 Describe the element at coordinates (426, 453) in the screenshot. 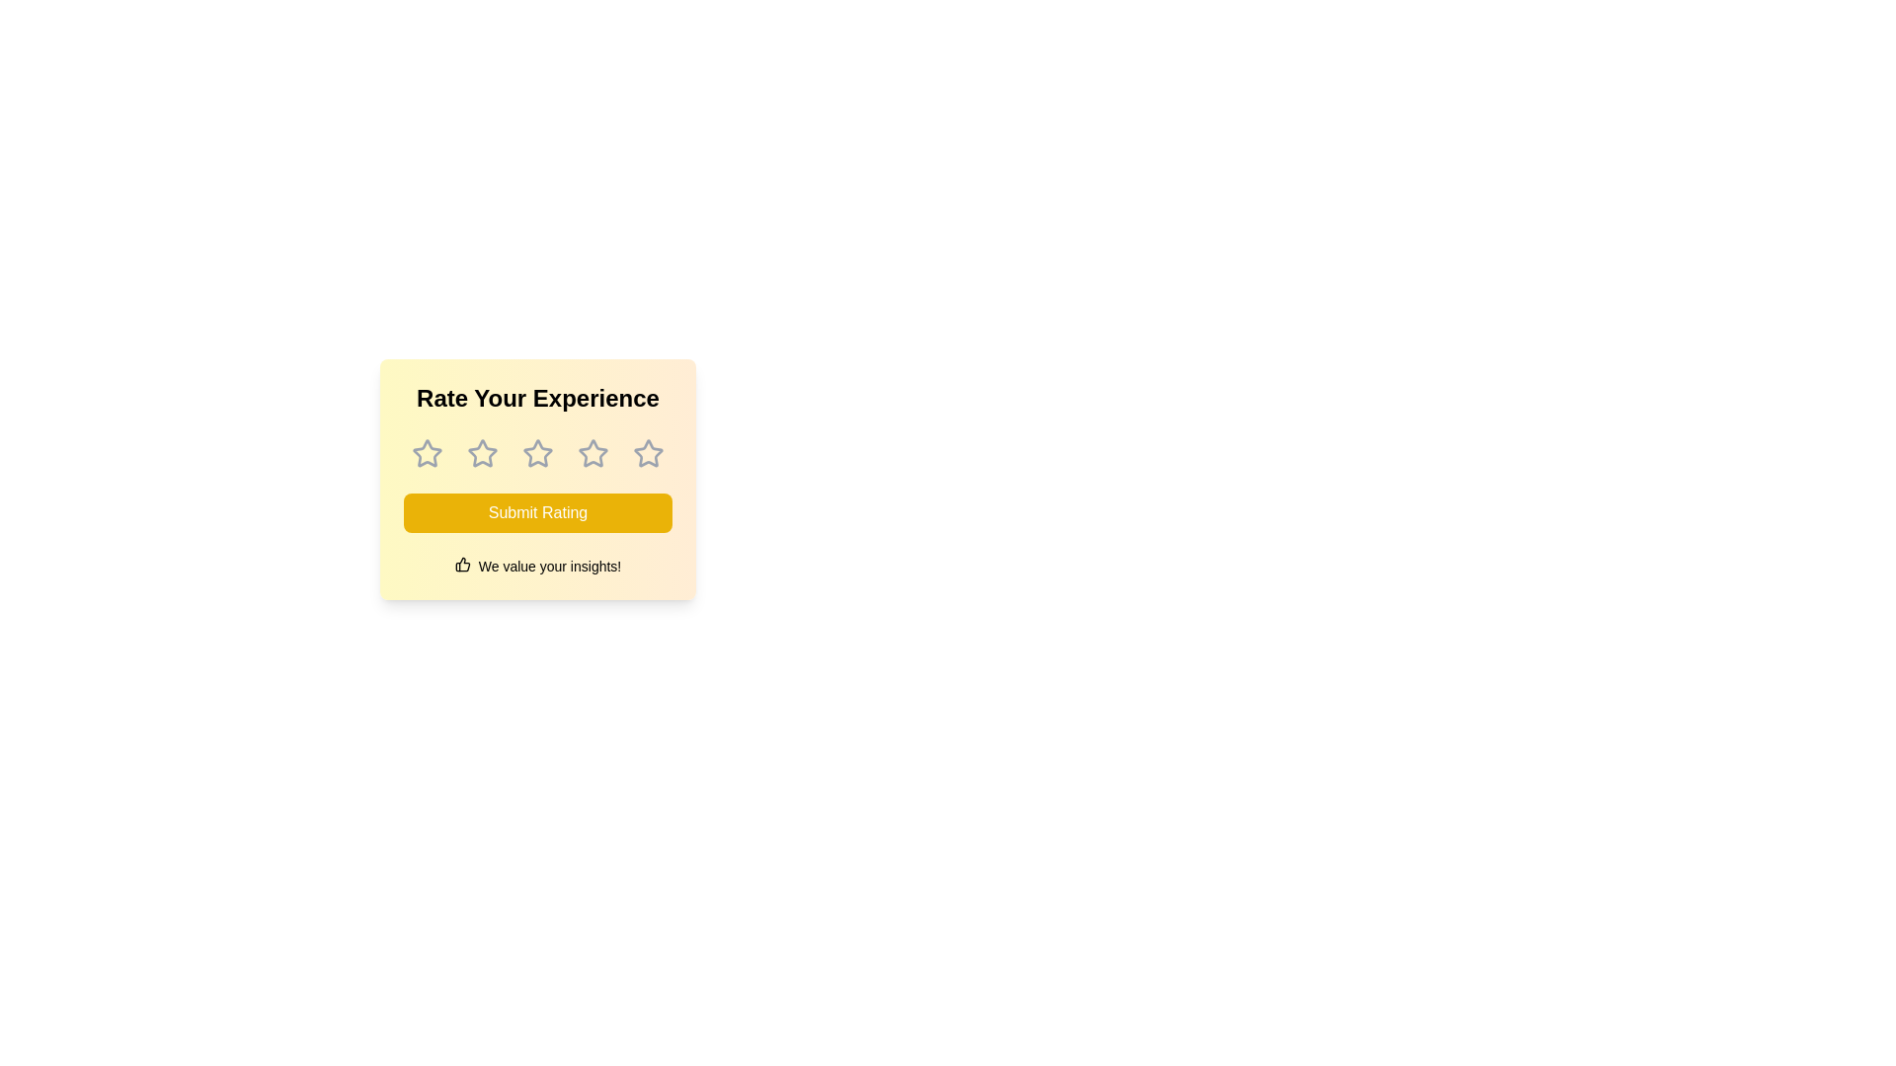

I see `the first interactive star icon in the five-star rating bar located below the 'Rate Your Experience' header` at that location.